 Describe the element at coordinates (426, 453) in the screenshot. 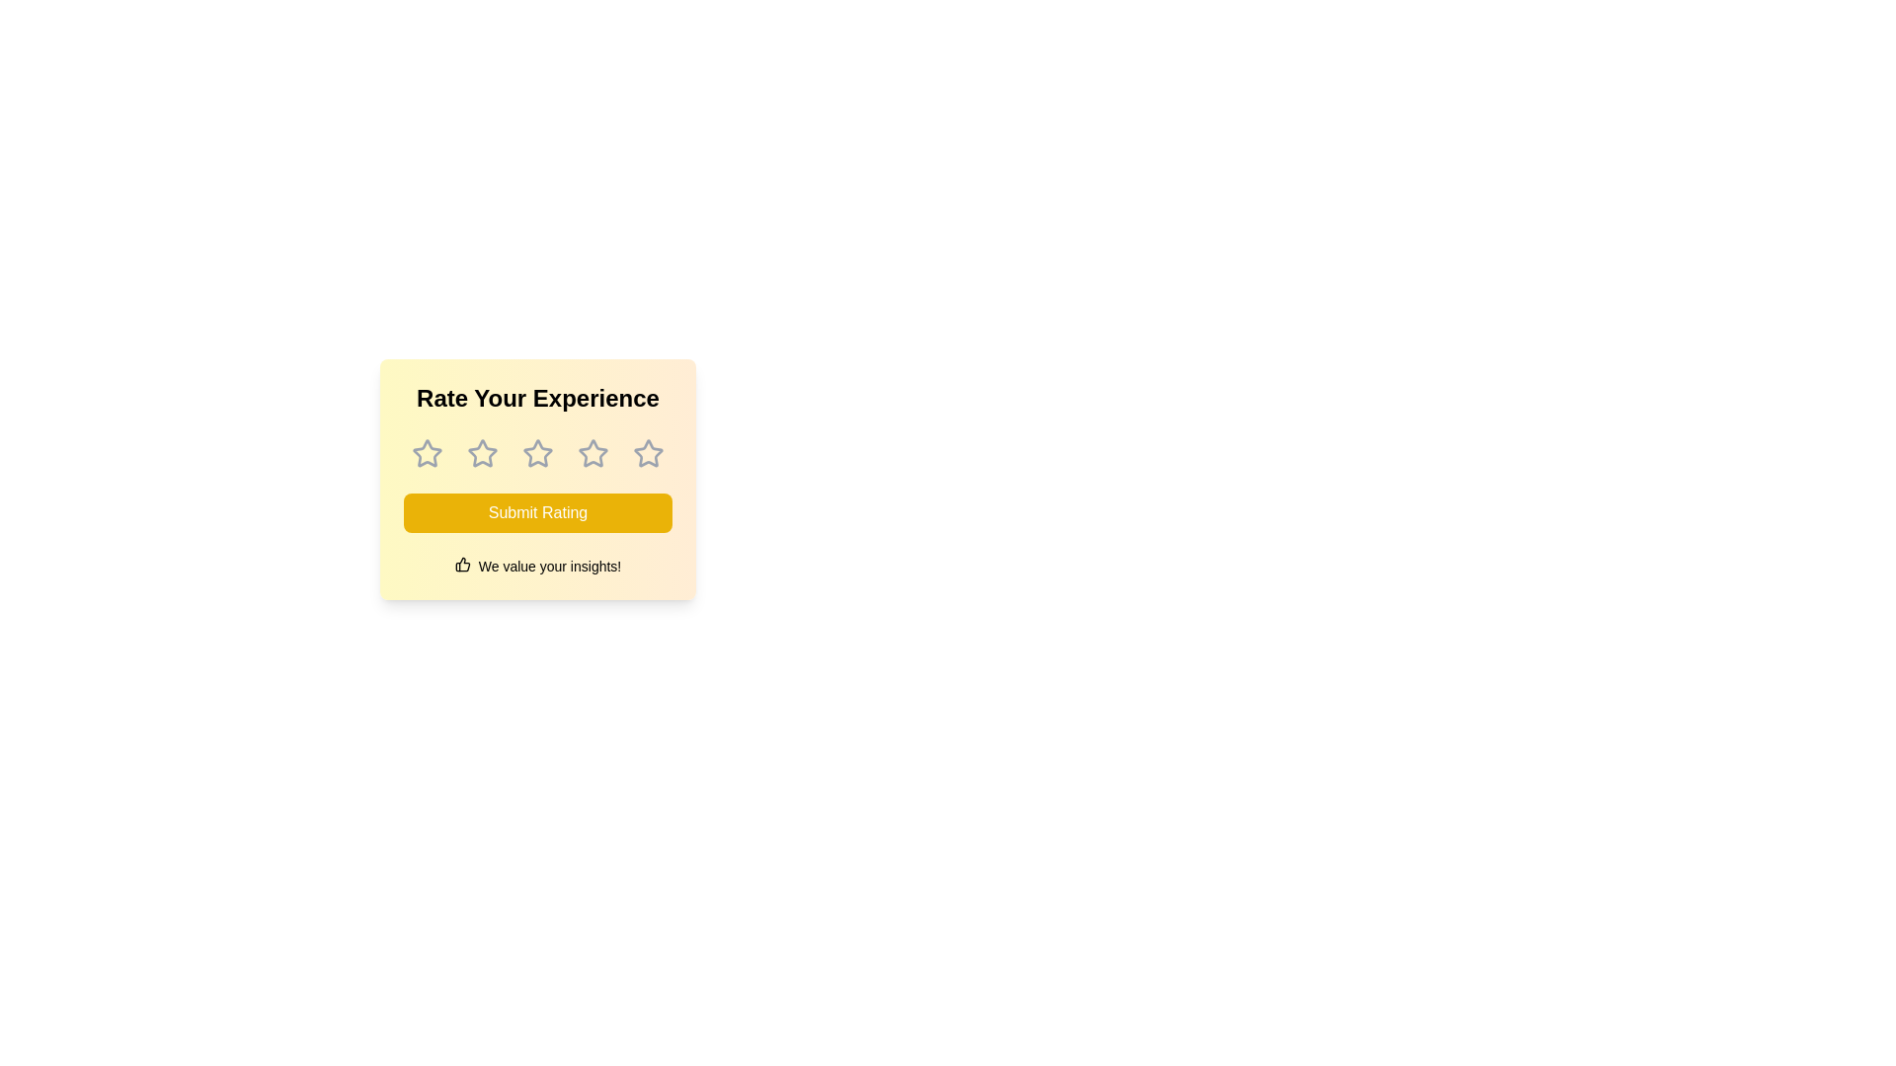

I see `the first interactive star icon in the five-star rating bar located below the 'Rate Your Experience' header` at that location.